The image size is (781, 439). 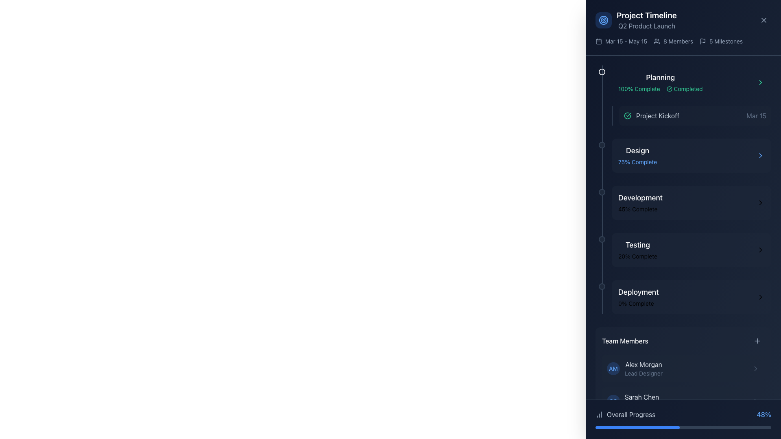 I want to click on the 'Overall Progress' static label with an accompanying bar chart icon, located at the bottom left of the interface, so click(x=625, y=414).